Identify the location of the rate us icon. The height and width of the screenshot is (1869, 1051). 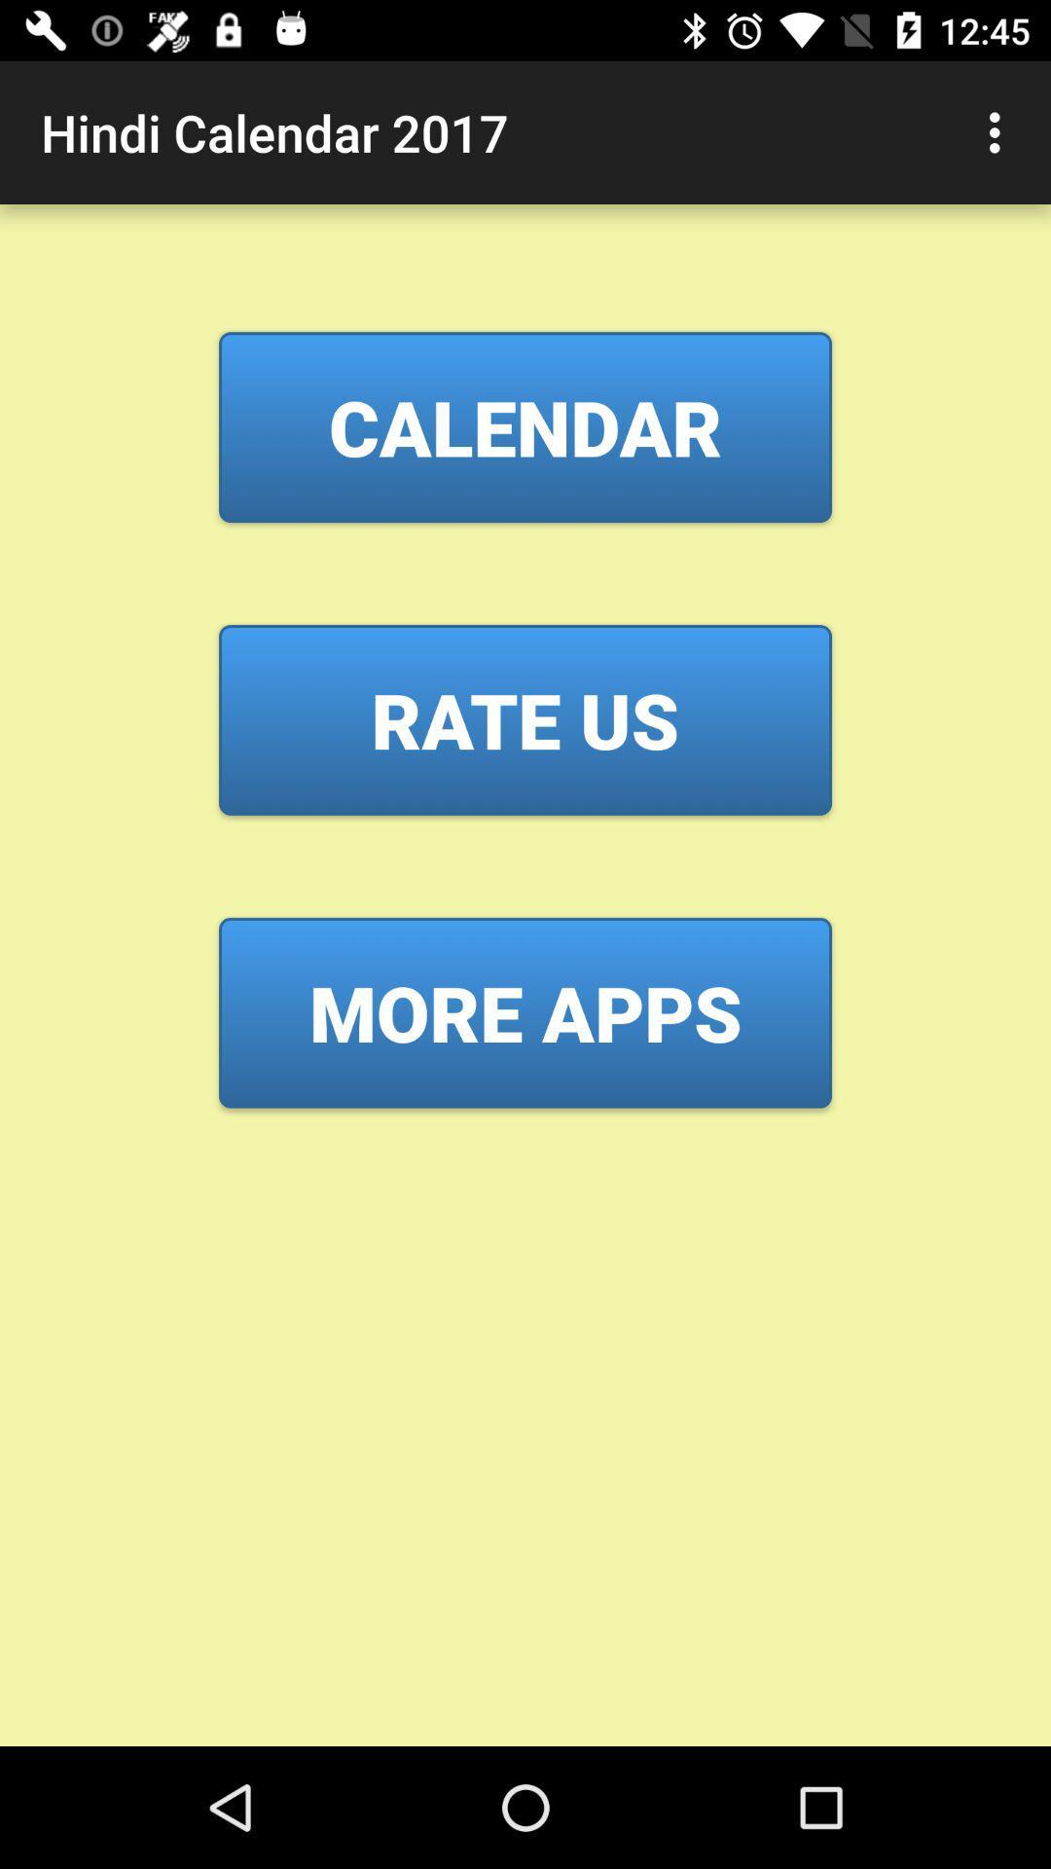
(525, 718).